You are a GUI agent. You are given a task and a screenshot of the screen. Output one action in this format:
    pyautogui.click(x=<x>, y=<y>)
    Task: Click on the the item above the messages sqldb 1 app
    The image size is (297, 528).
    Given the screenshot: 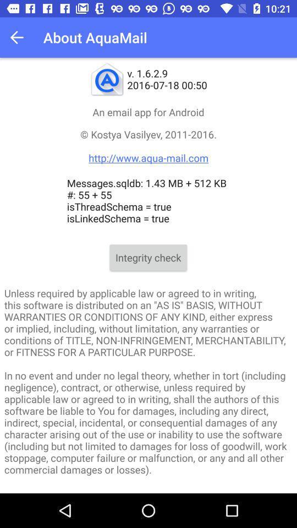 What is the action you would take?
    pyautogui.click(x=148, y=145)
    